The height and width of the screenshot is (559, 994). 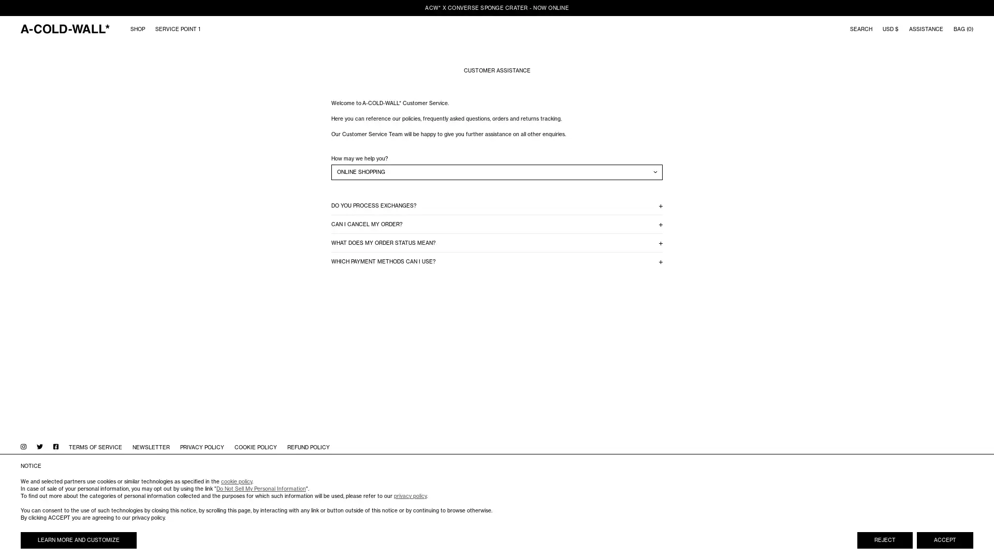 I want to click on WHICH PAYMENT METHODS CAN I USE?, so click(x=497, y=261).